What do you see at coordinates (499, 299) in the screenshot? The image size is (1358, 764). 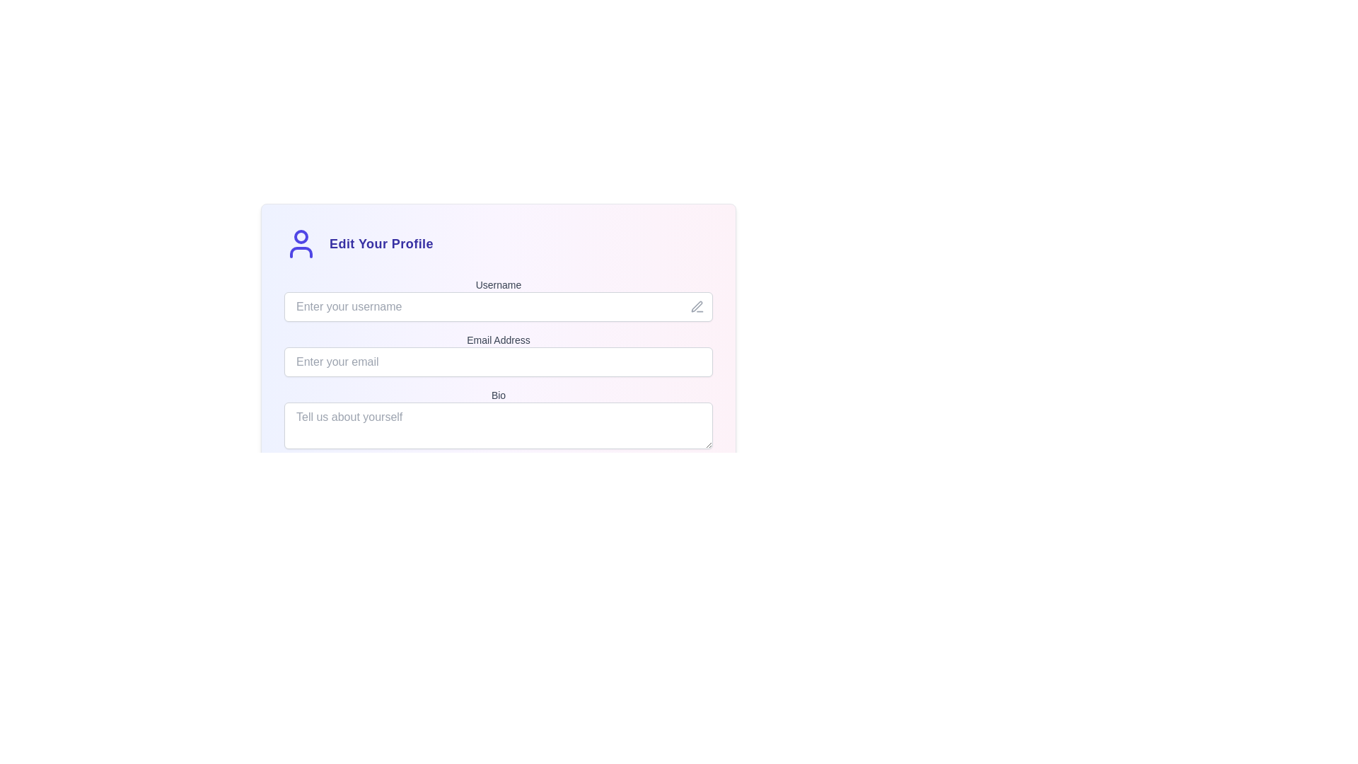 I see `the username input field, which is the first entry in a vertical stack of input fields` at bounding box center [499, 299].